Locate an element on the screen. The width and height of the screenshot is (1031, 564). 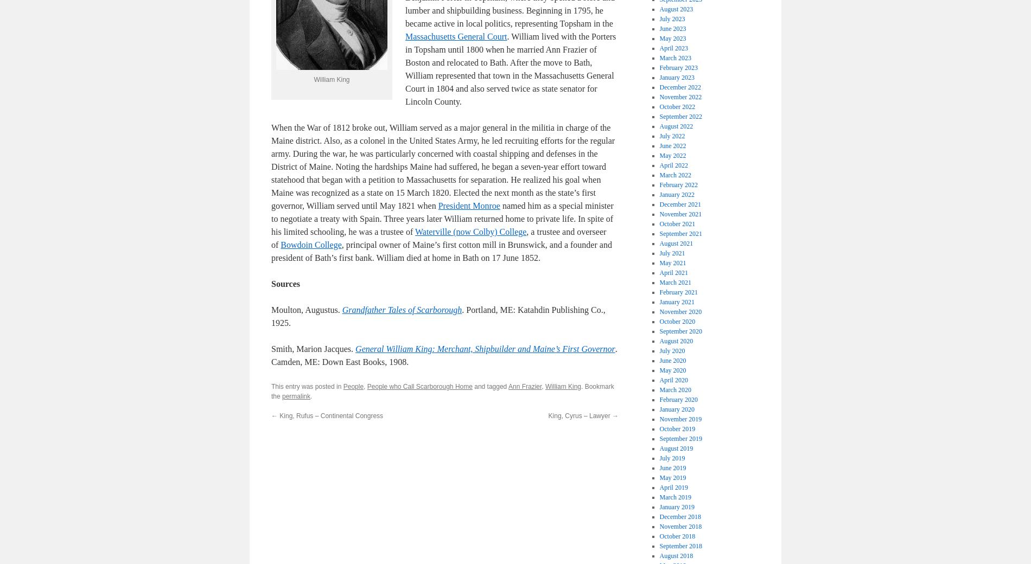
'February 2022' is located at coordinates (659, 184).